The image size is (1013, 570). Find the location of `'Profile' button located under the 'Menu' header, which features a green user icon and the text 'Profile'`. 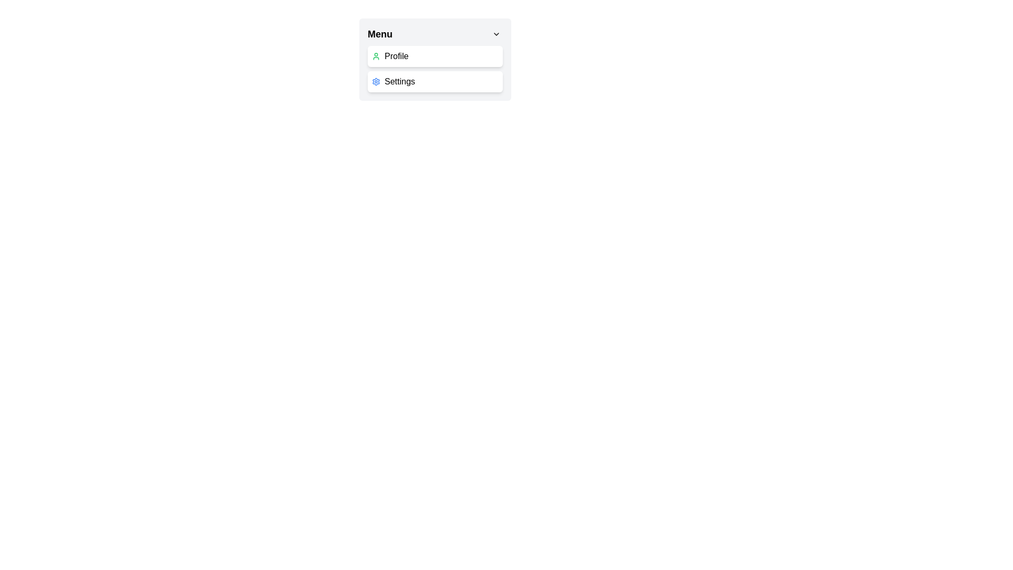

'Profile' button located under the 'Menu' header, which features a green user icon and the text 'Profile' is located at coordinates (435, 56).